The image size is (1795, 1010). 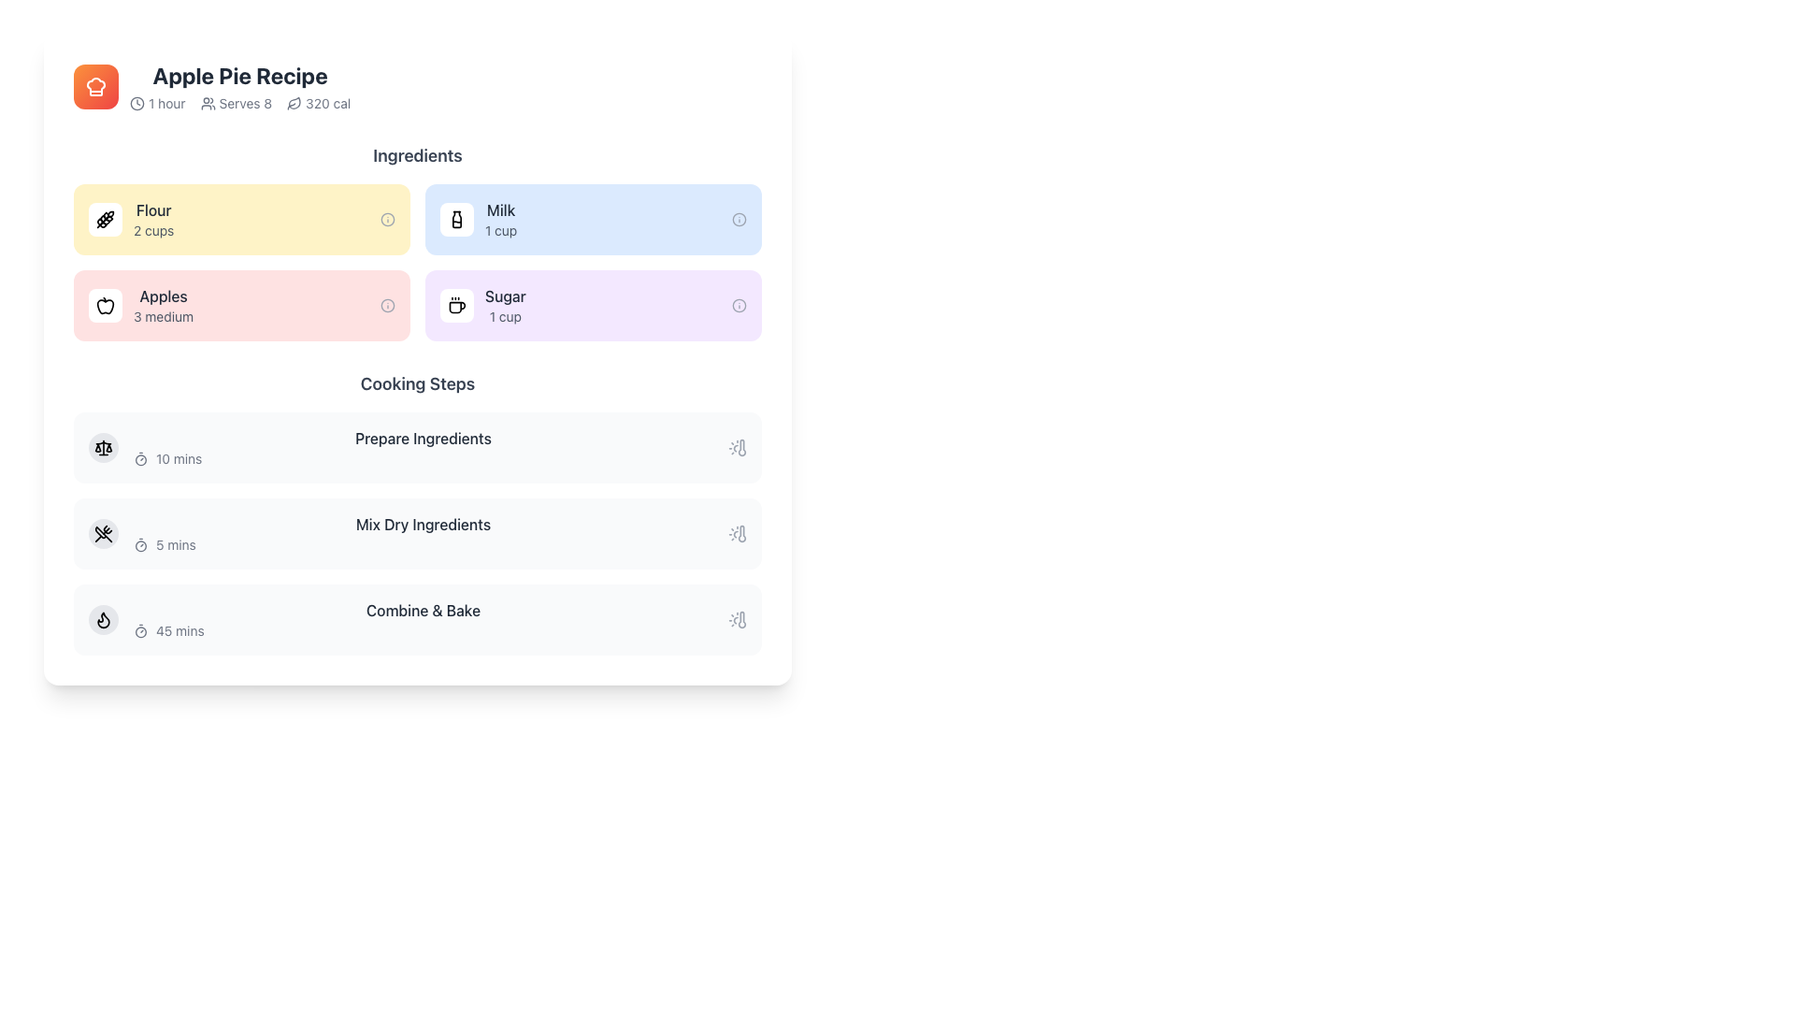 I want to click on the circular icon with a gray background and a black balance scale symbol, located to the left of the 'Prepare Ingredients' text in the 'Cooking Steps' section, so click(x=102, y=447).